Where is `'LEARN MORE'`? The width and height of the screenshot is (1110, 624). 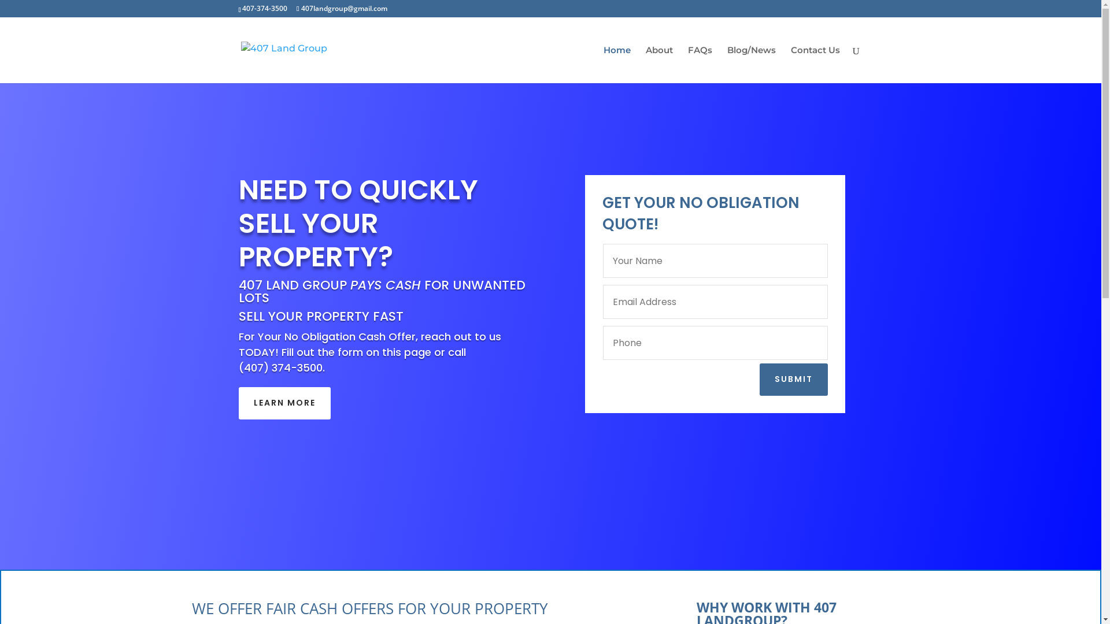 'LEARN MORE' is located at coordinates (284, 403).